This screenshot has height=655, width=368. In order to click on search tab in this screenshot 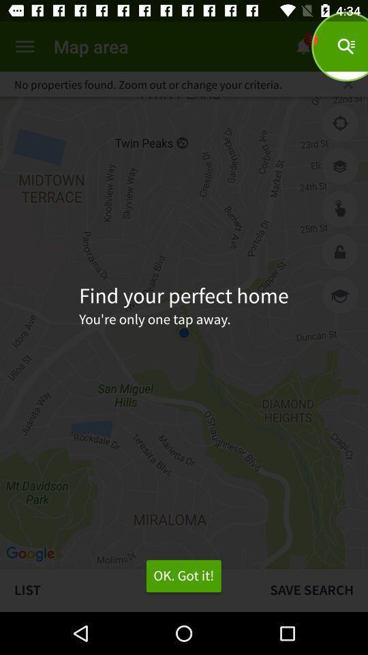, I will do `click(348, 83)`.